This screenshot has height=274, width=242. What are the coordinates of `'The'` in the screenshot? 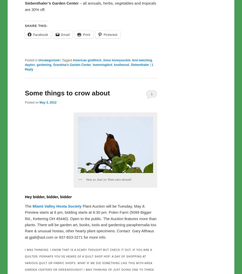 It's located at (29, 206).